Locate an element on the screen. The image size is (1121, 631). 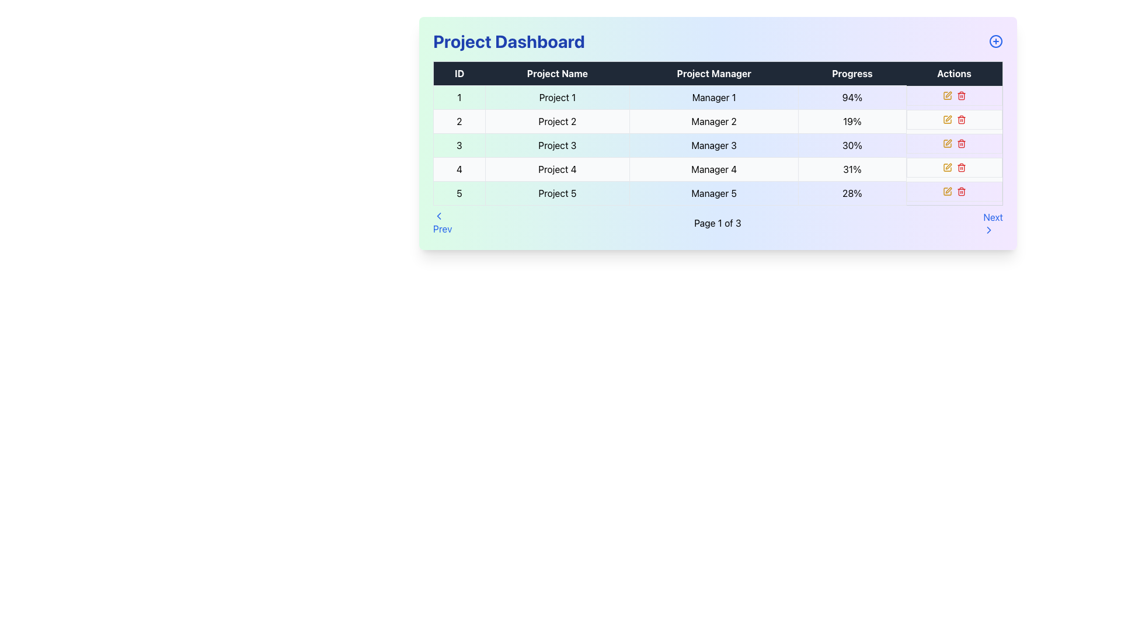
the non-interactive text label displaying the manager for the fourth project in the list is located at coordinates (713, 169).